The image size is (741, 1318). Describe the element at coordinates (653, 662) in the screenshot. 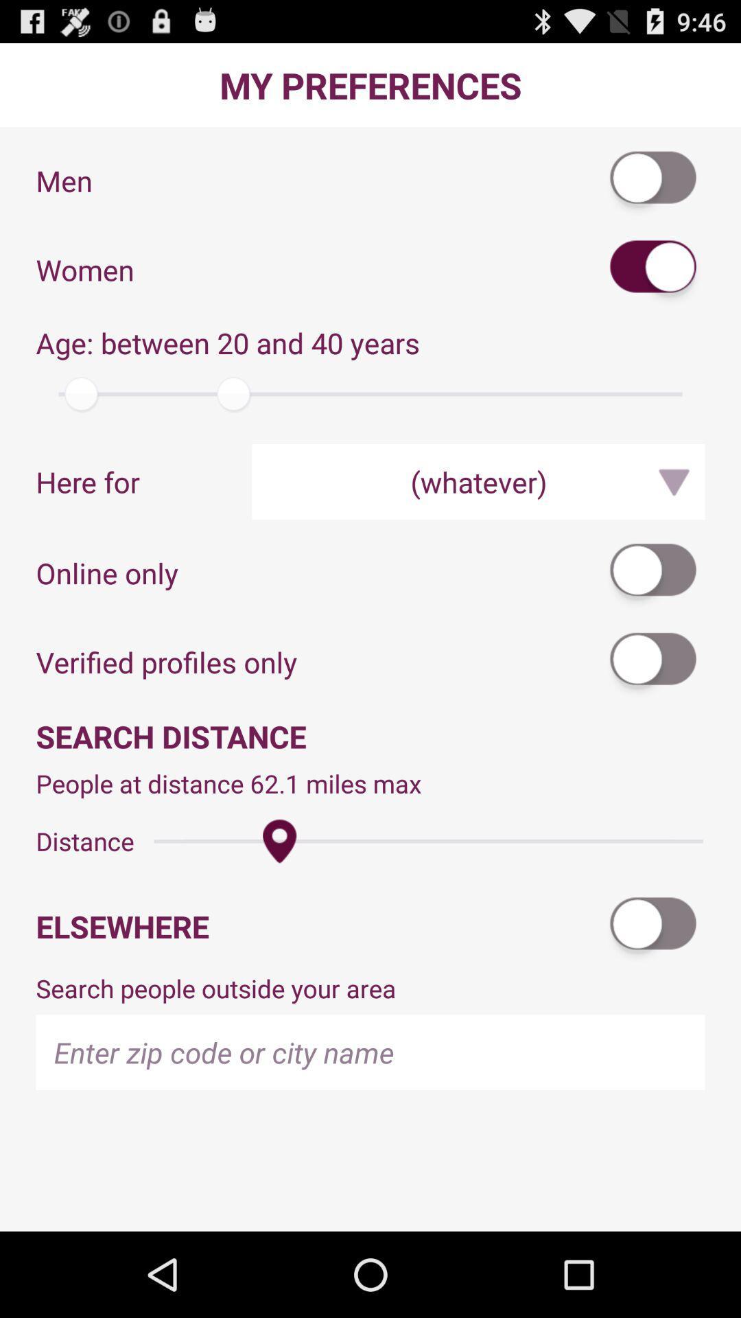

I see `search for` at that location.